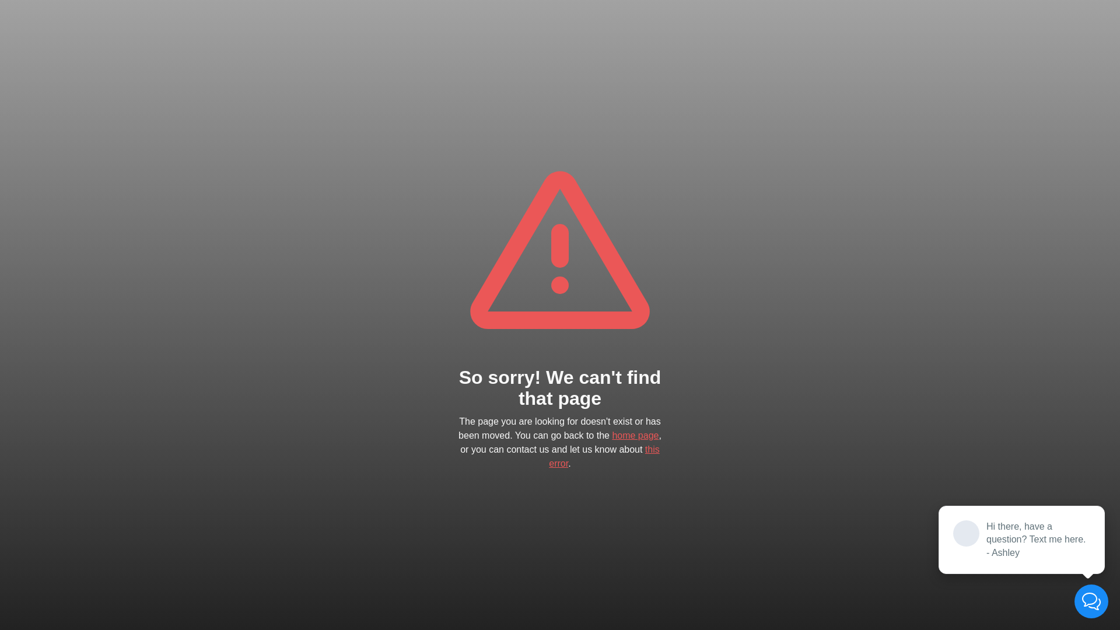 The width and height of the screenshot is (1120, 630). Describe the element at coordinates (604, 456) in the screenshot. I see `'this error'` at that location.